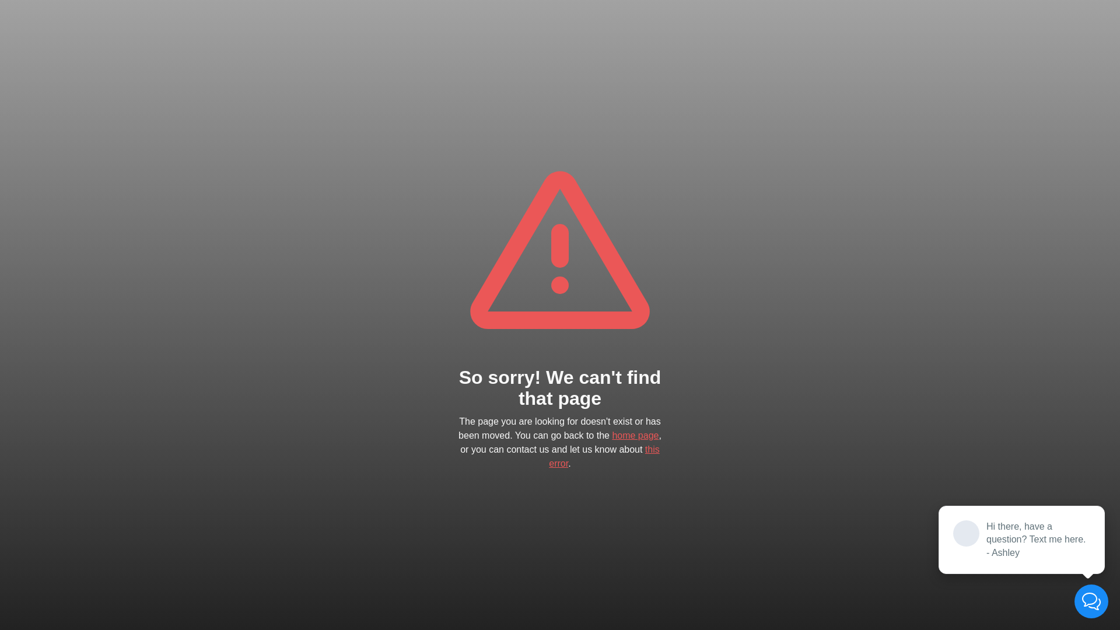 The width and height of the screenshot is (1120, 630). Describe the element at coordinates (604, 456) in the screenshot. I see `'this error'` at that location.